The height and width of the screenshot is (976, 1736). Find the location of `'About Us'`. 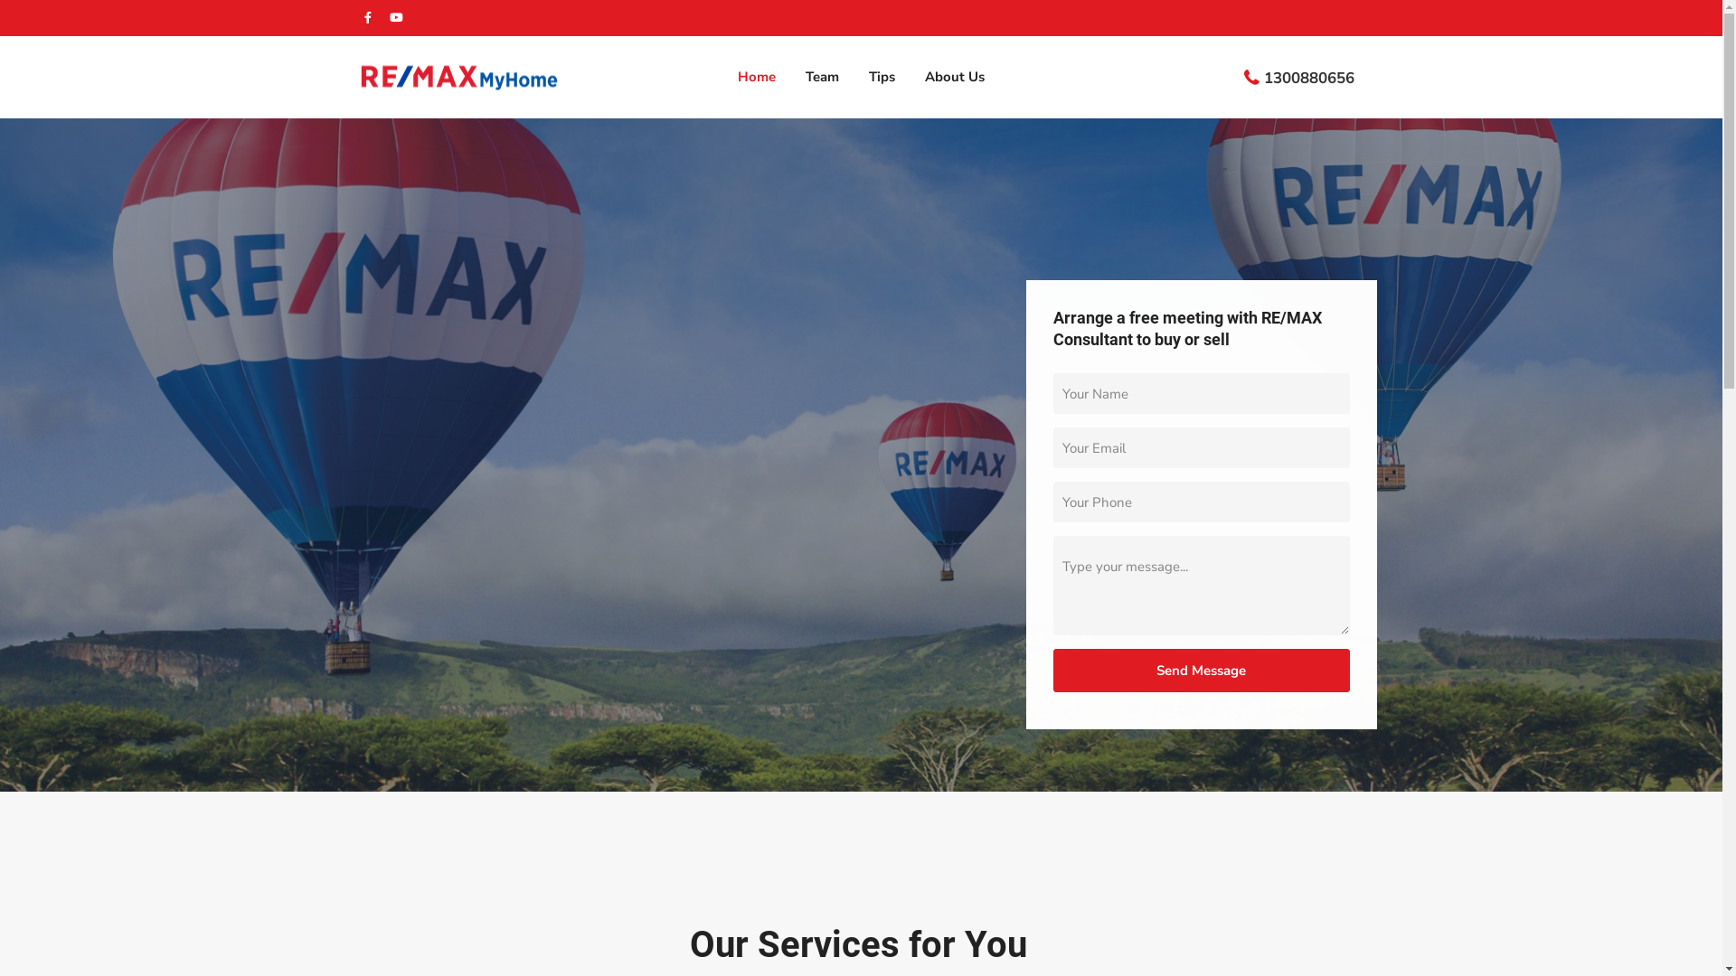

'About Us' is located at coordinates (954, 75).